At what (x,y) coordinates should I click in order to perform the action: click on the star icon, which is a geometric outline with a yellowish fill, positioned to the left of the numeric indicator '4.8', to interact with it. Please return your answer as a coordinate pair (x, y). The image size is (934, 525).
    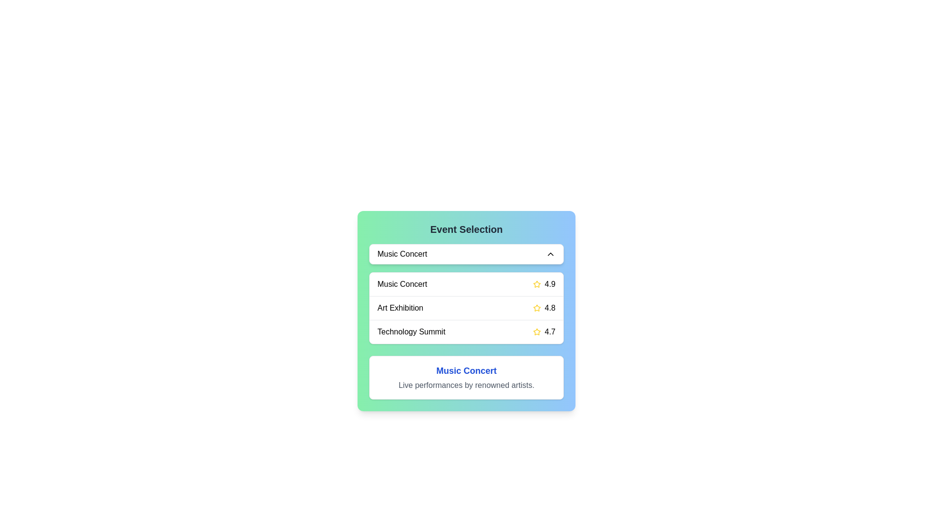
    Looking at the image, I should click on (536, 308).